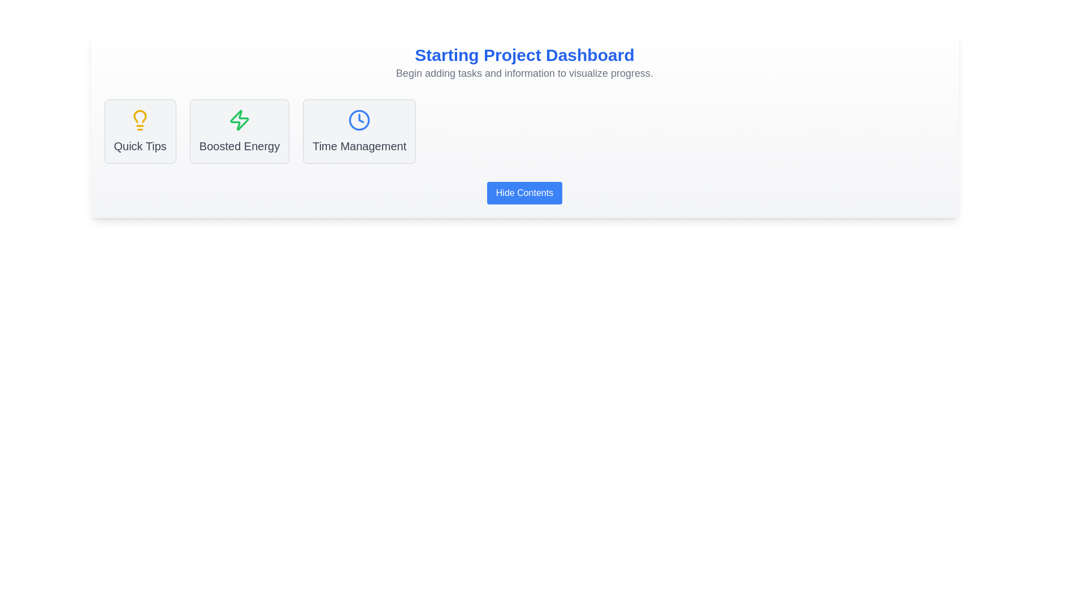  I want to click on keyboard navigation, so click(524, 193).